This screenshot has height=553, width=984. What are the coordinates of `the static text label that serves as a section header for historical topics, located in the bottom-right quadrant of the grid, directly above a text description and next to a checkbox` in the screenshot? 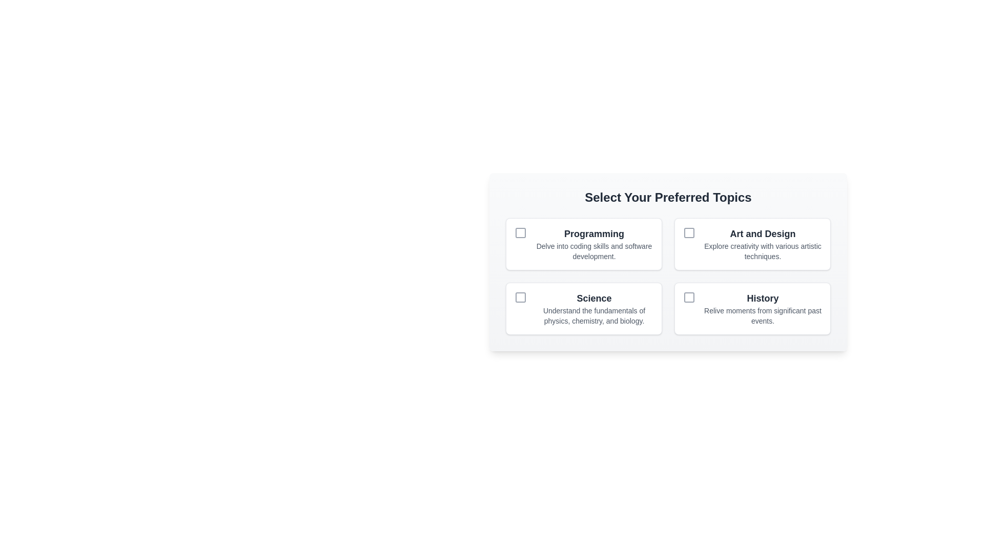 It's located at (763, 298).